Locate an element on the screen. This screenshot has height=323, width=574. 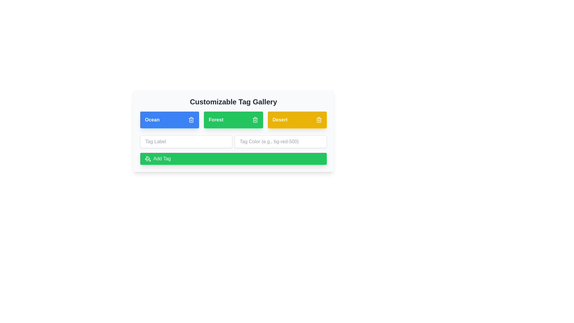
the 'Add Tag' button to add a new tag to the list is located at coordinates (233, 159).